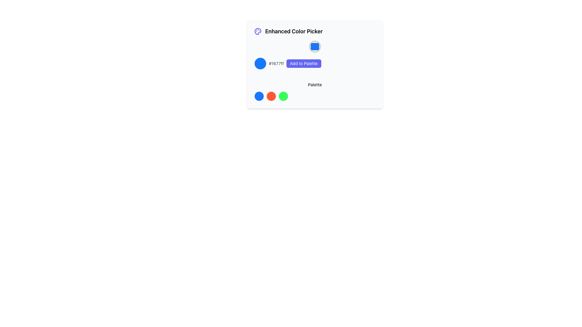  What do you see at coordinates (260, 63) in the screenshot?
I see `the bright blue color swatch display, which is a small circular shape filled with RGB (22, 119, 255)` at bounding box center [260, 63].